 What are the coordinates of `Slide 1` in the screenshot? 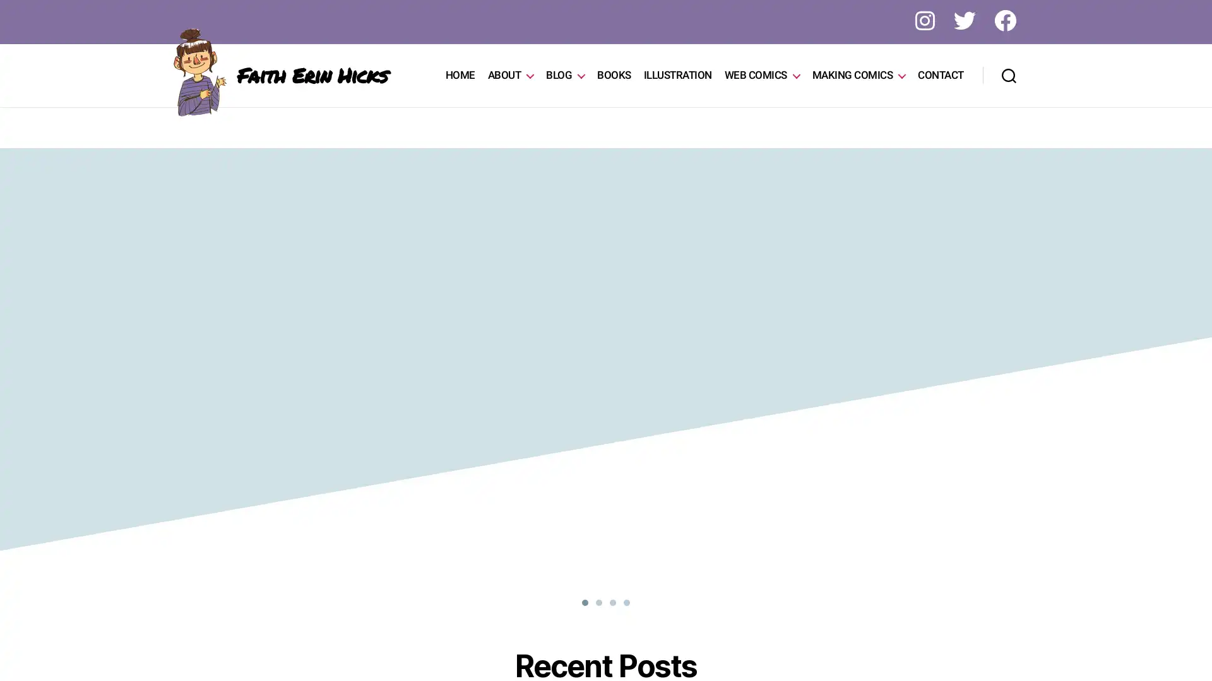 It's located at (612, 602).